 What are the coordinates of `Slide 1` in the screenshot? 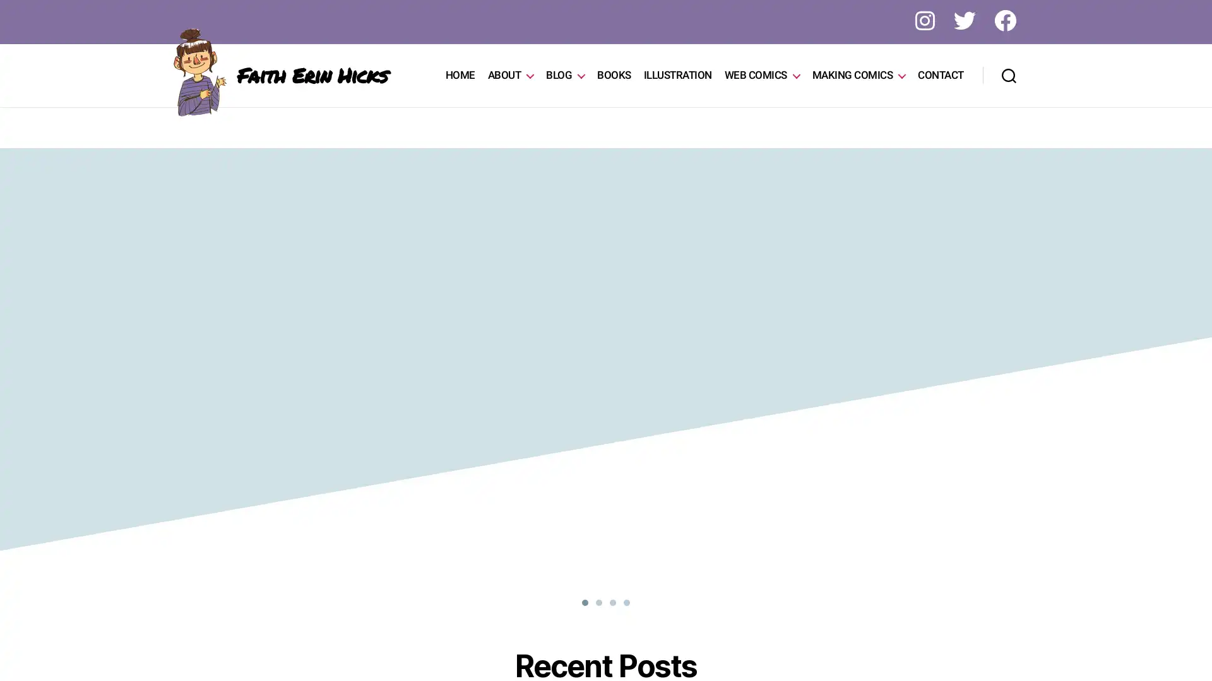 It's located at (612, 602).